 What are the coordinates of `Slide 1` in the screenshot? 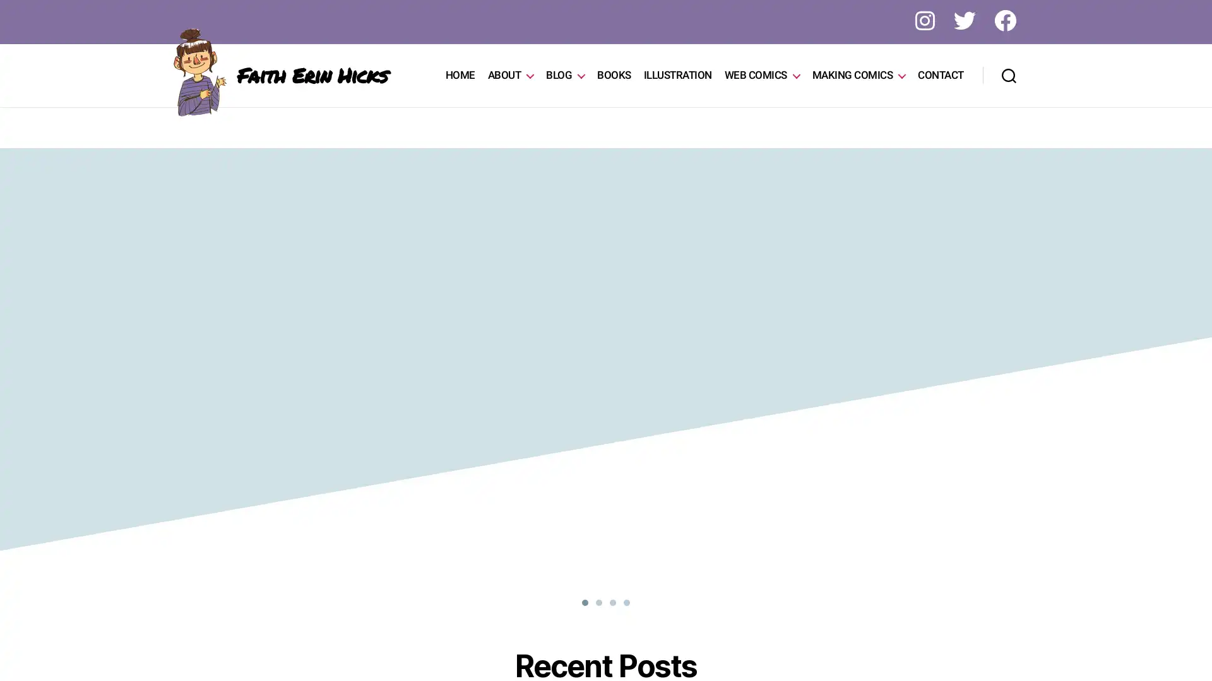 It's located at (612, 602).